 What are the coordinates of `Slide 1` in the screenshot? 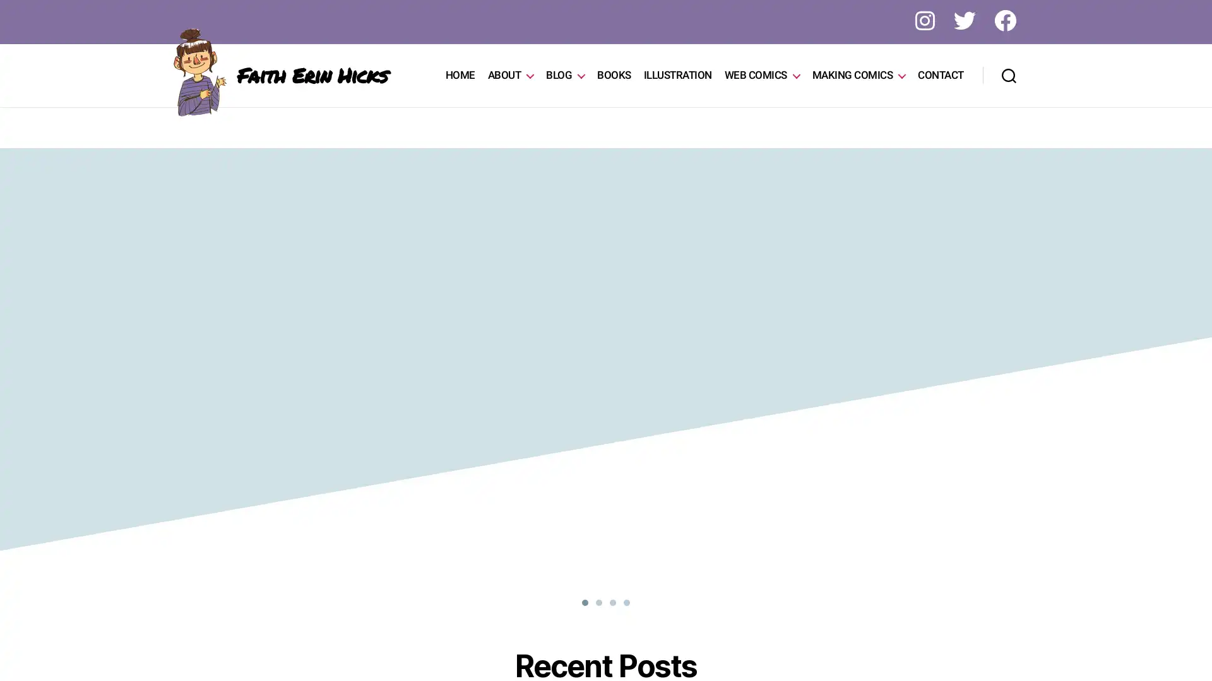 It's located at (612, 602).